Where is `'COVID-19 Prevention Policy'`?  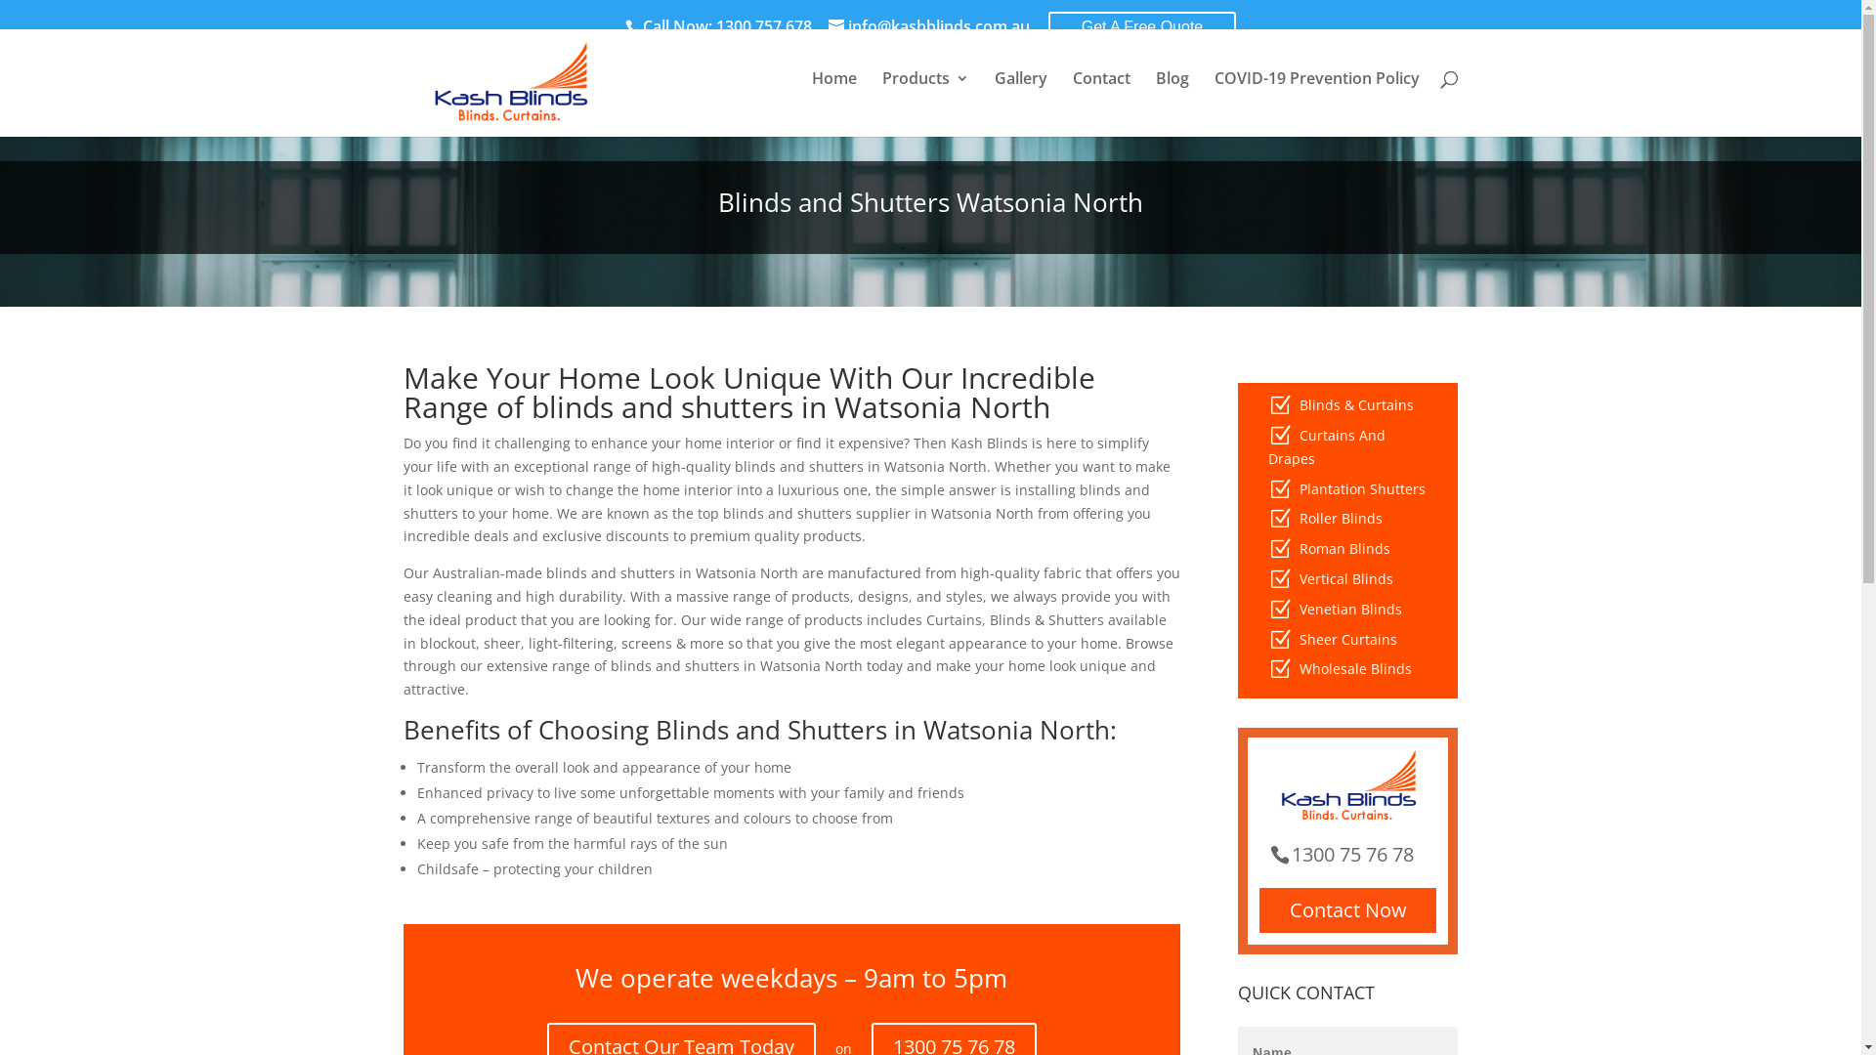
'COVID-19 Prevention Policy' is located at coordinates (1316, 94).